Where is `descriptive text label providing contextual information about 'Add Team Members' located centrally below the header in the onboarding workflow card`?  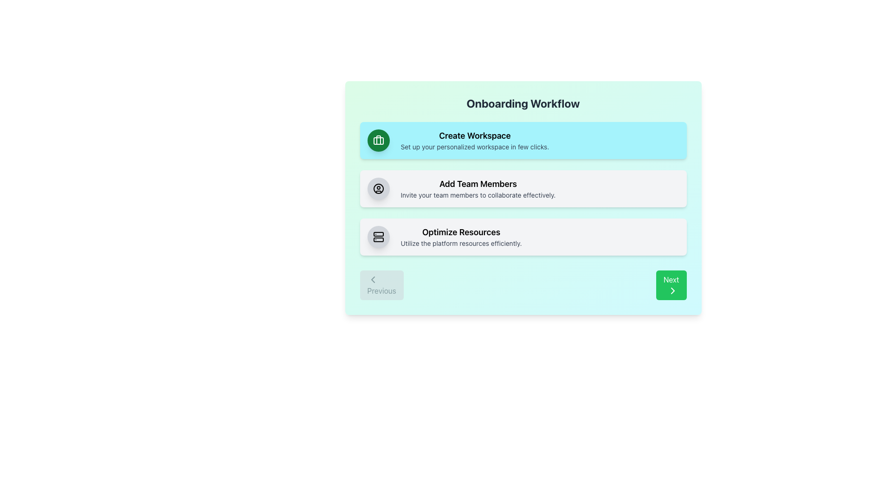 descriptive text label providing contextual information about 'Add Team Members' located centrally below the header in the onboarding workflow card is located at coordinates (478, 194).